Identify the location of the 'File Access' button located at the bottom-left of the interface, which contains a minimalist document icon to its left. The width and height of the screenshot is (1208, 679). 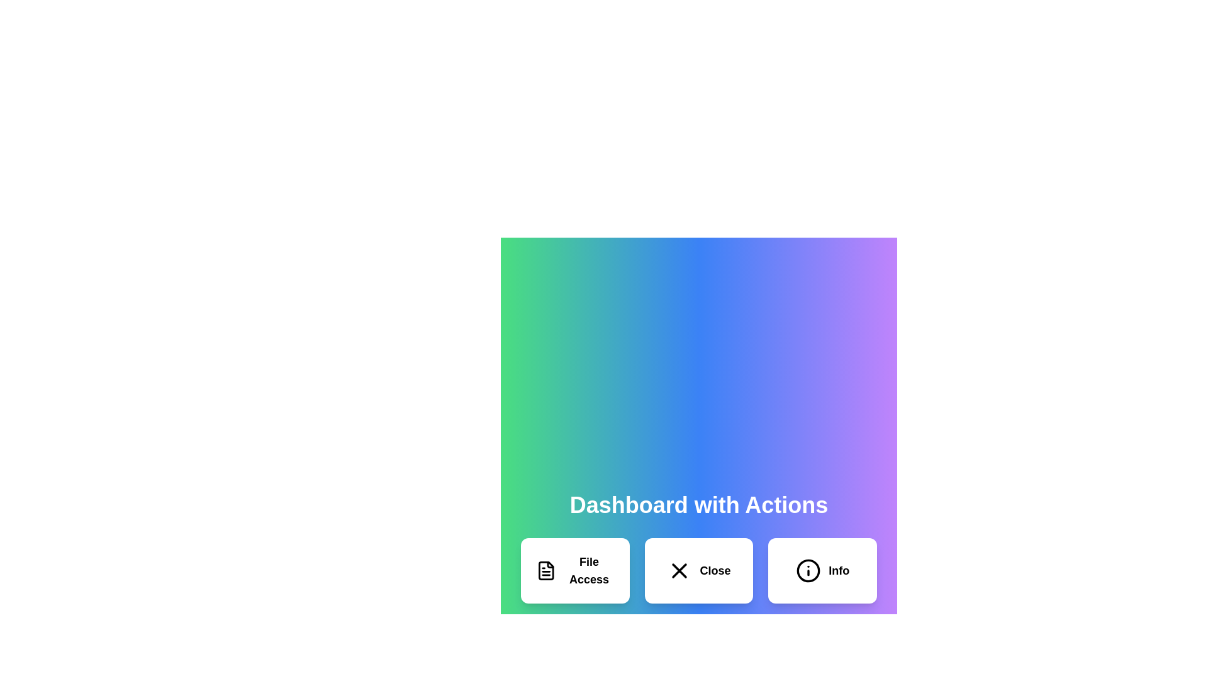
(546, 570).